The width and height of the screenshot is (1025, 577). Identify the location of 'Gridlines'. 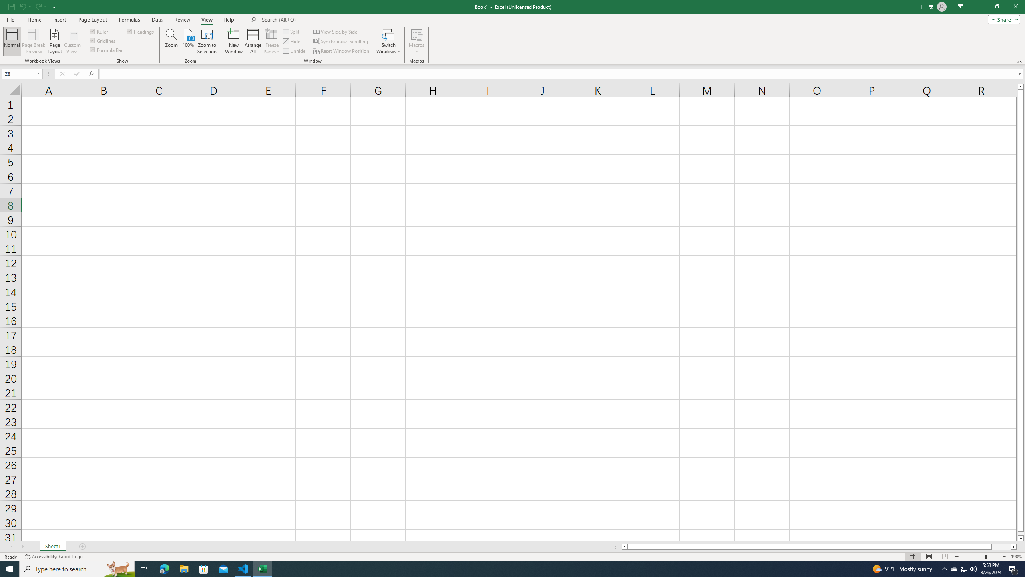
(102, 40).